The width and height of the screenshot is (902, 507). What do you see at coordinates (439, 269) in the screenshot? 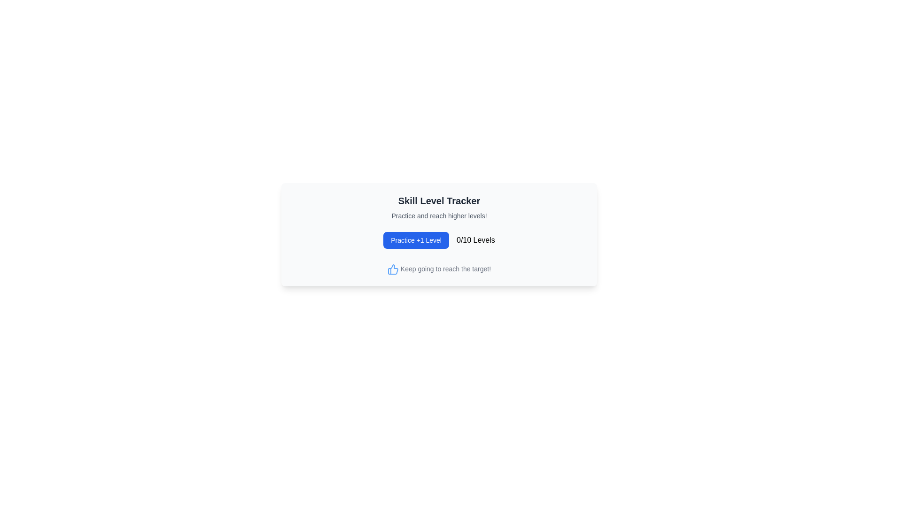
I see `text content of the Text with Icon that displays 'Keep going to reach the target!' and has a blue thumbs-up icon to its left, located at the bottom of the section` at bounding box center [439, 269].